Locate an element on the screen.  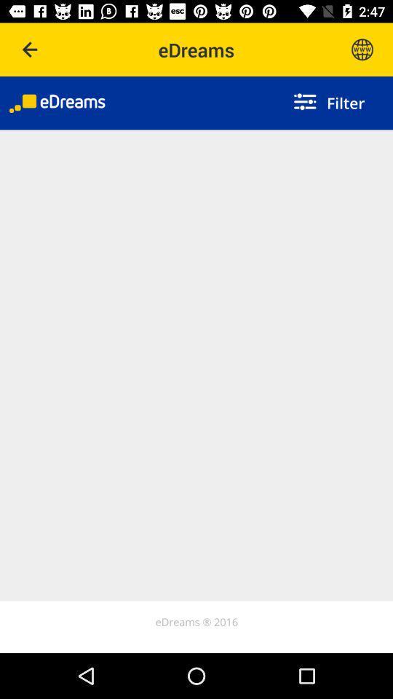
previous is located at coordinates (31, 50).